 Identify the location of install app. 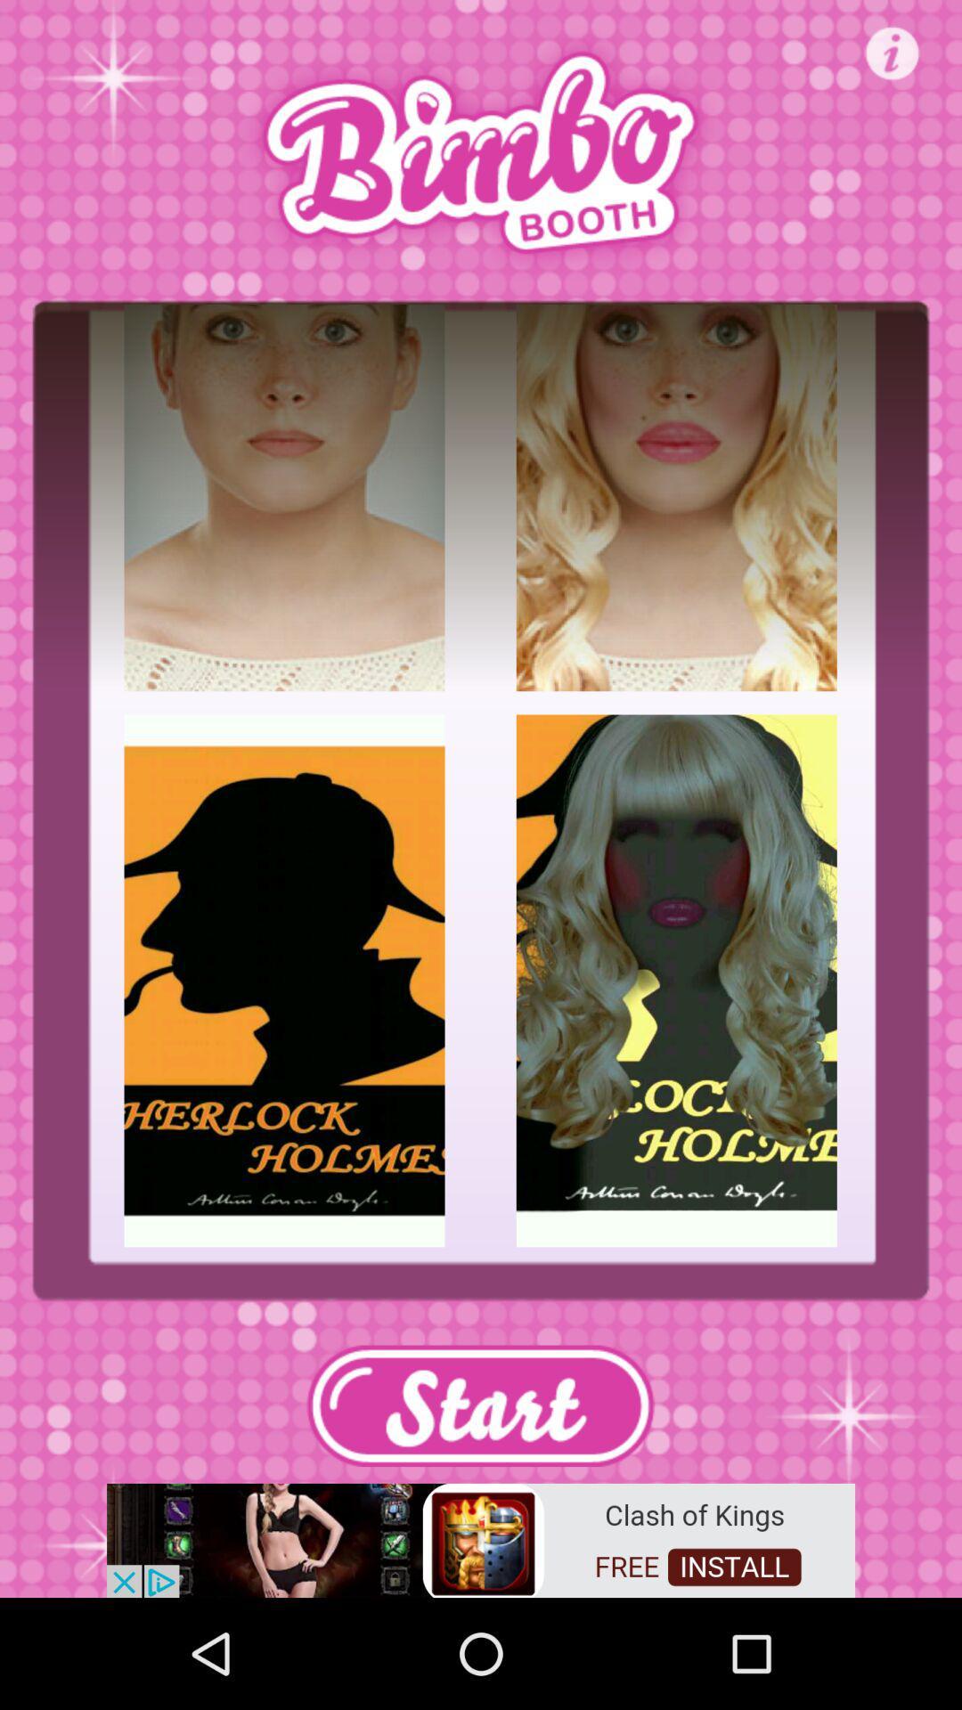
(481, 1538).